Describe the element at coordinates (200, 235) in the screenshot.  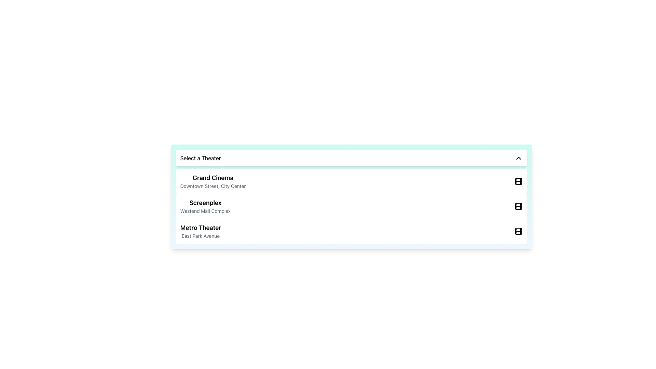
I see `descriptive text located directly below the main title 'Metro Theater' in the list item` at that location.